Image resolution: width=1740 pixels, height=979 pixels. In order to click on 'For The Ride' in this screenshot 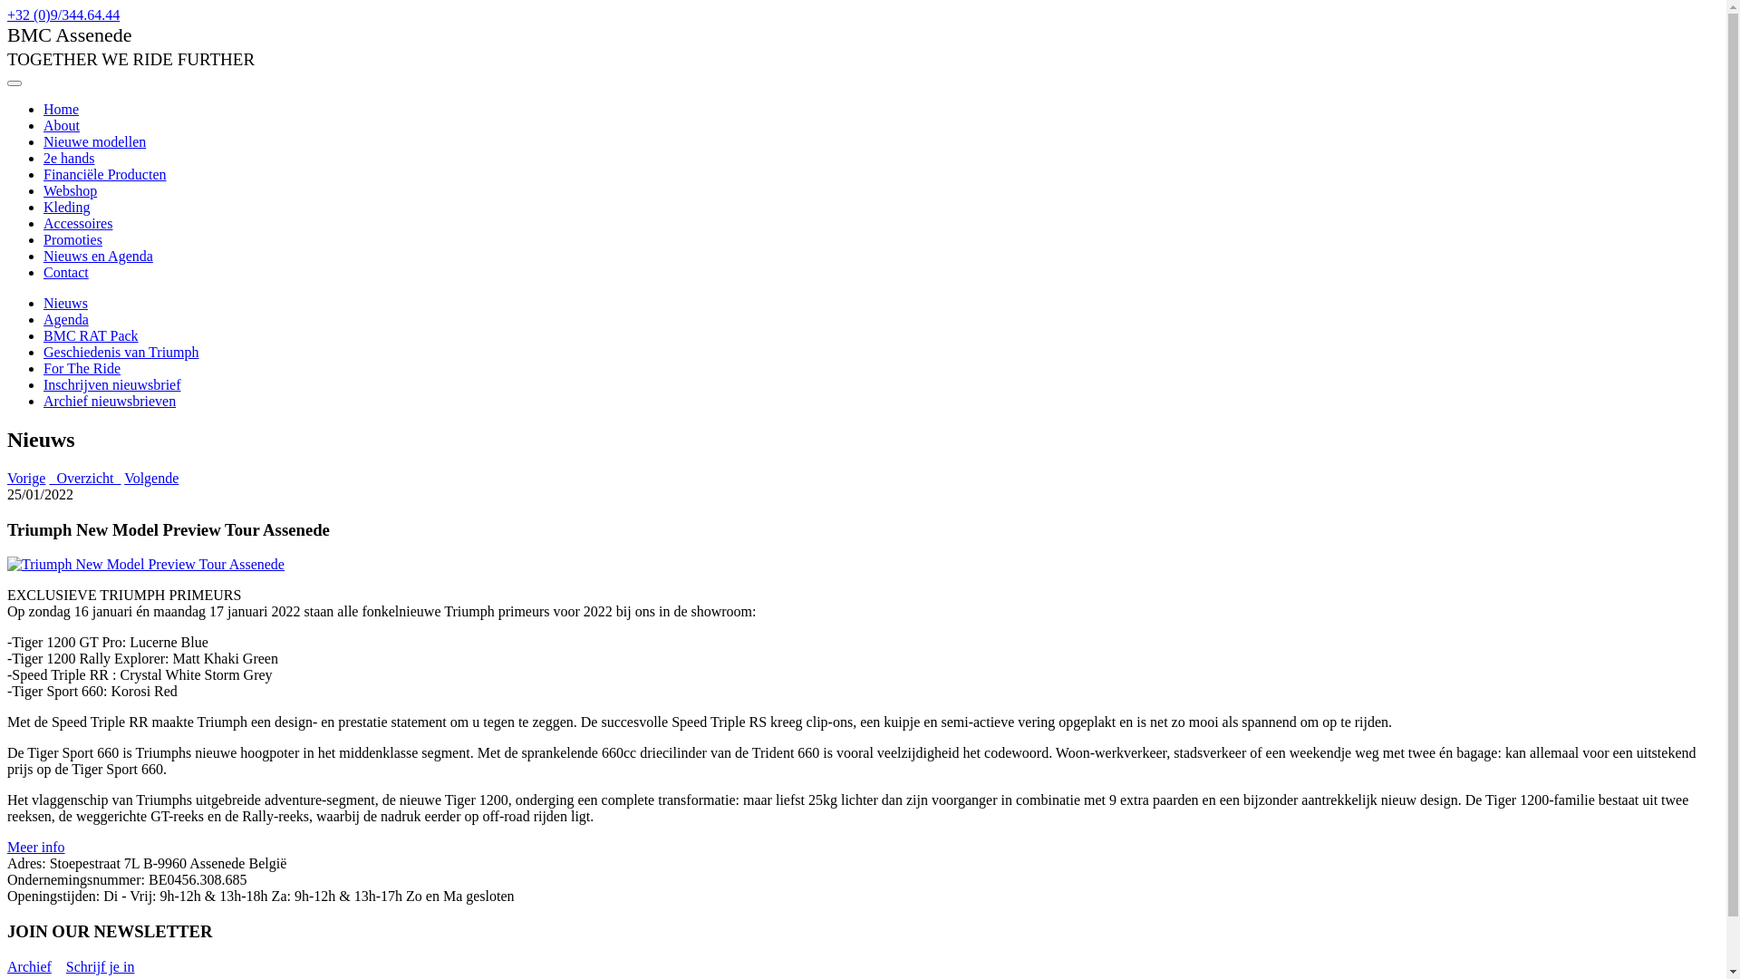, I will do `click(81, 367)`.